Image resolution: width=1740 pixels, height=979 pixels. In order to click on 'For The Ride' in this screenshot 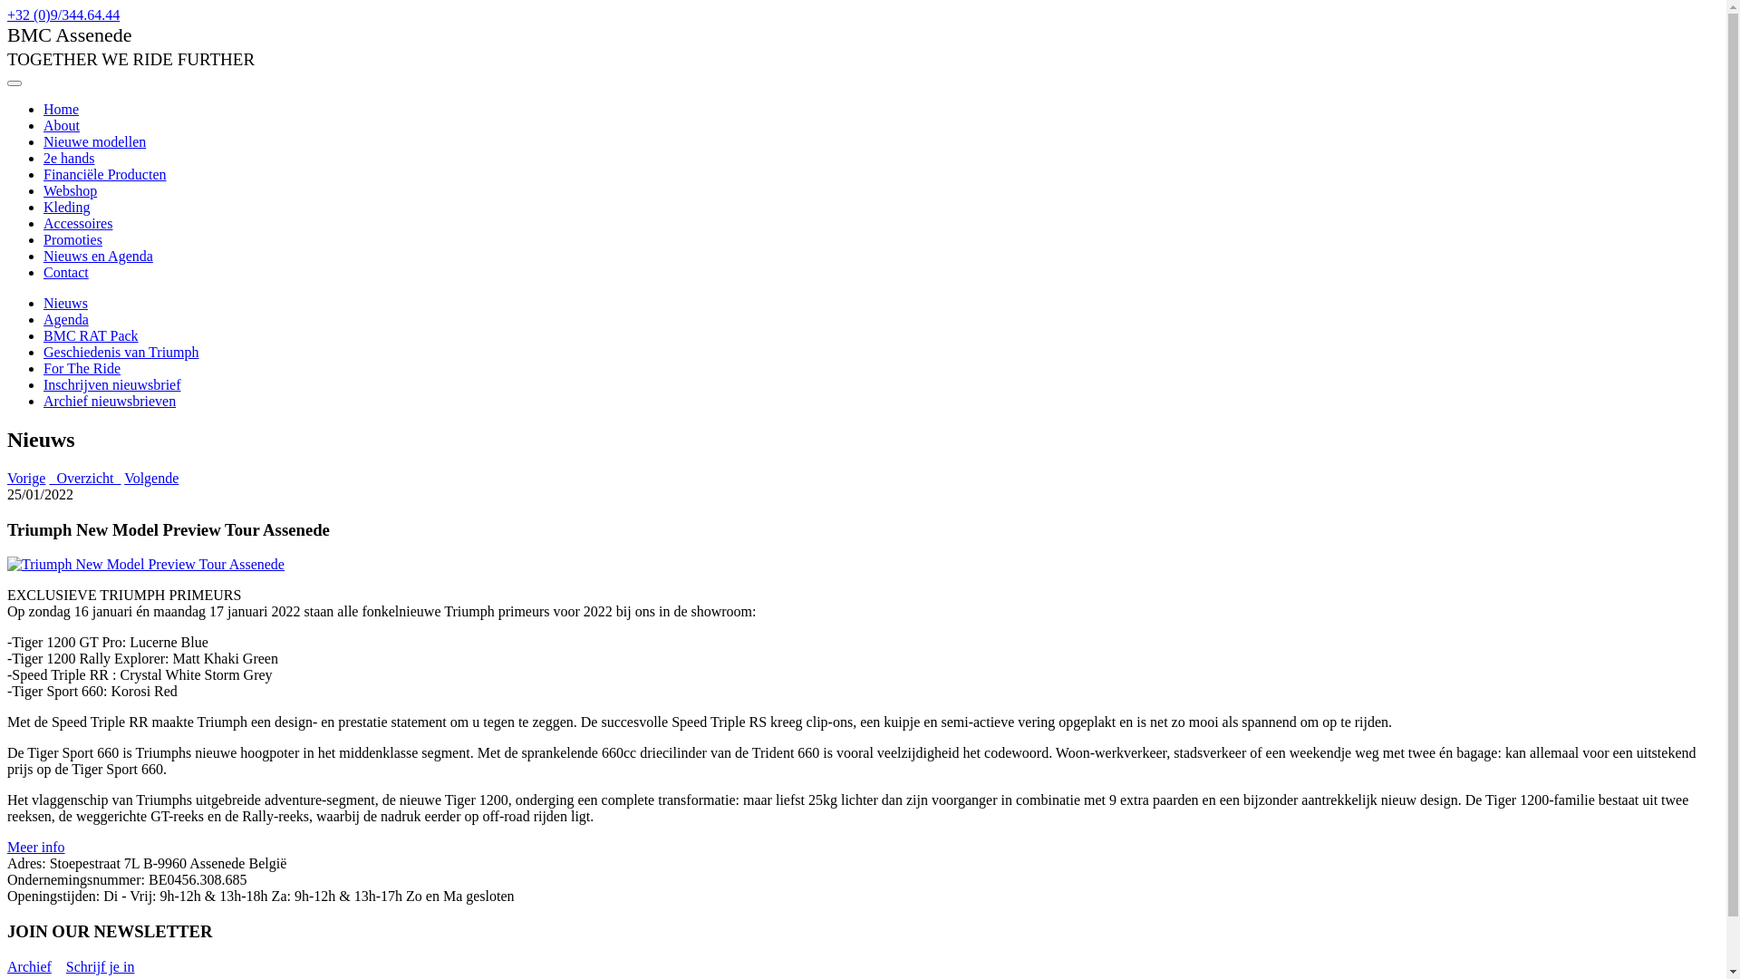, I will do `click(81, 367)`.